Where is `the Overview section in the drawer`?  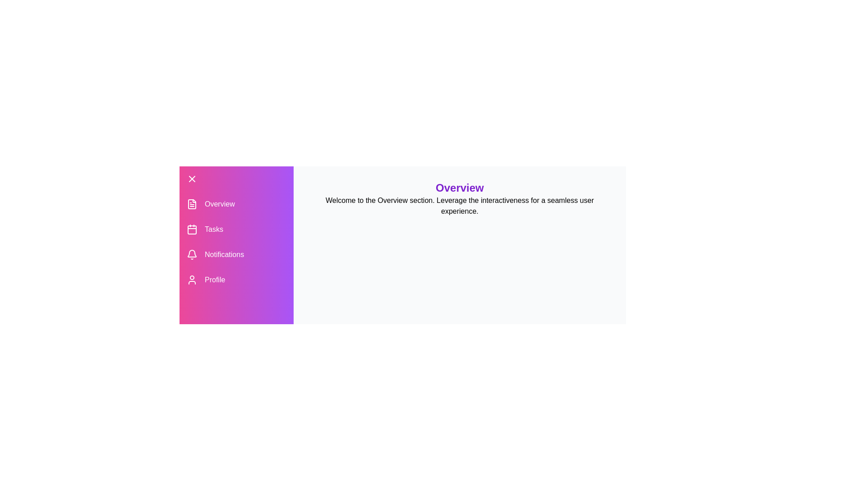 the Overview section in the drawer is located at coordinates (236, 204).